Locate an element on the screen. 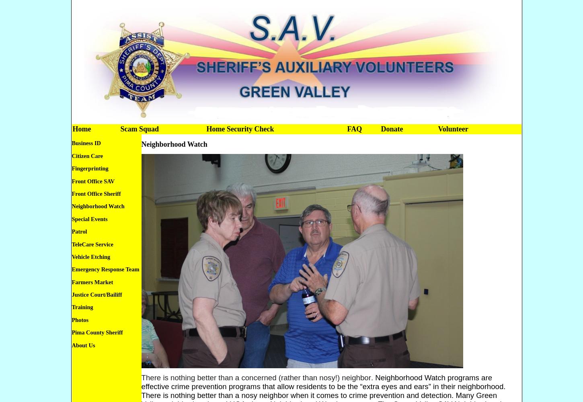  'Care Service' is located at coordinates (97, 244).